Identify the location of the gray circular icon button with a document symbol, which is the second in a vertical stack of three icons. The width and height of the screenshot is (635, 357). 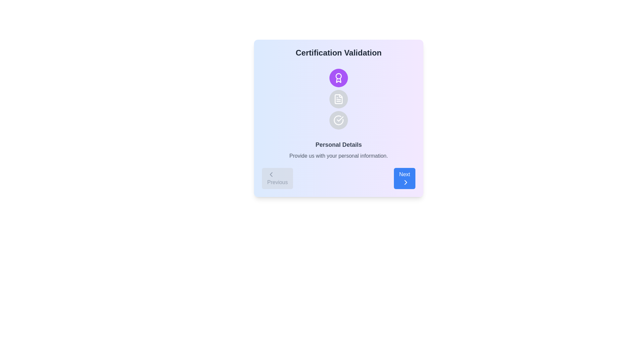
(338, 99).